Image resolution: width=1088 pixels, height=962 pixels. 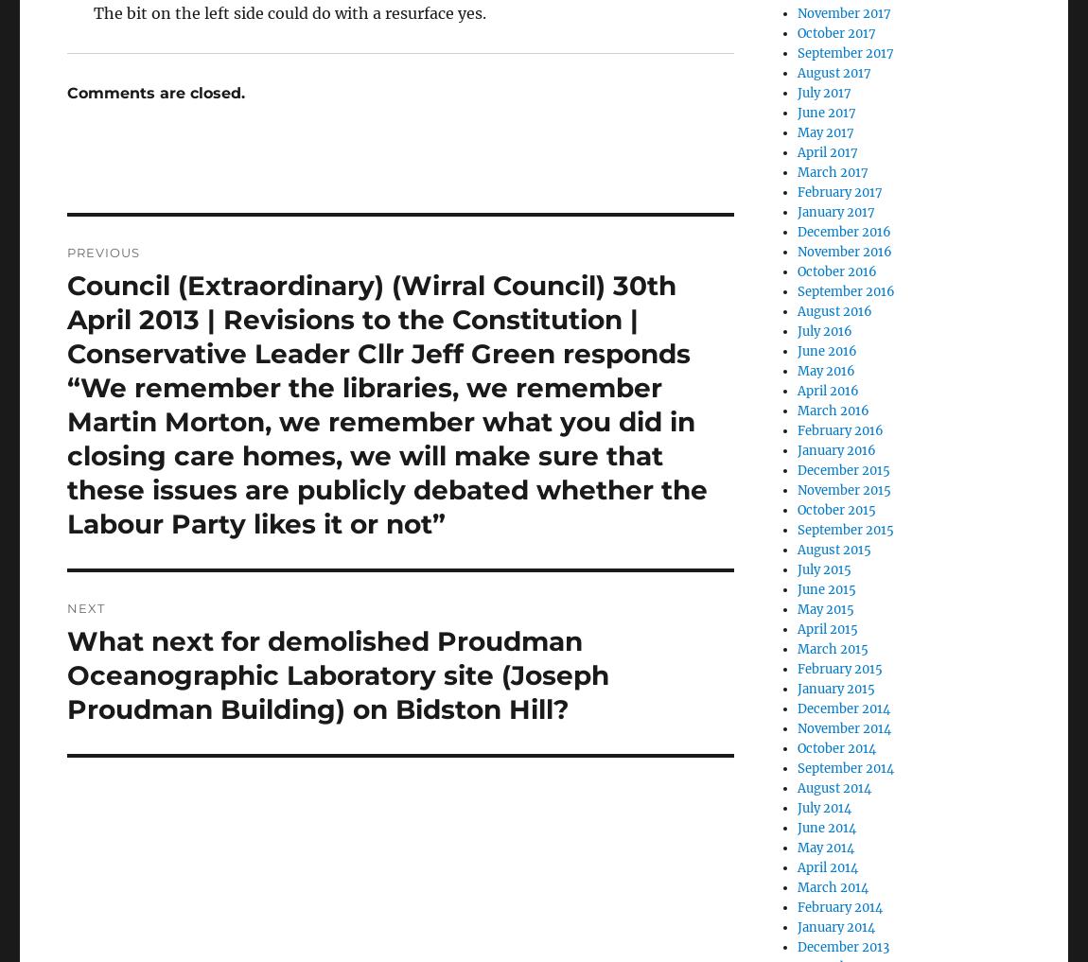 I want to click on 'June 2017', so click(x=827, y=112).